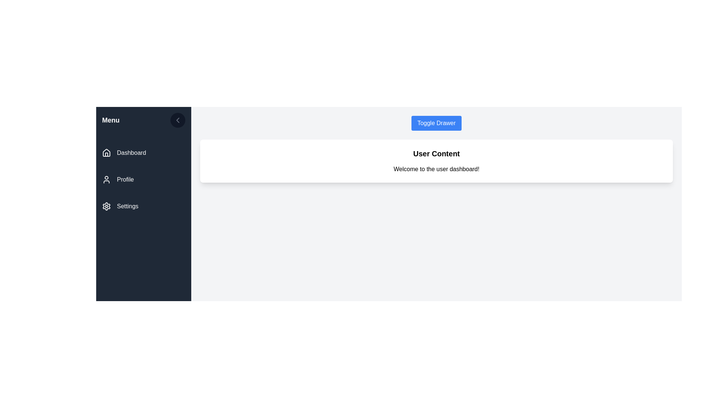 This screenshot has width=713, height=401. Describe the element at coordinates (106, 153) in the screenshot. I see `the house-shaped icon in the vertical sidebar next to the 'Dashboard' label` at that location.